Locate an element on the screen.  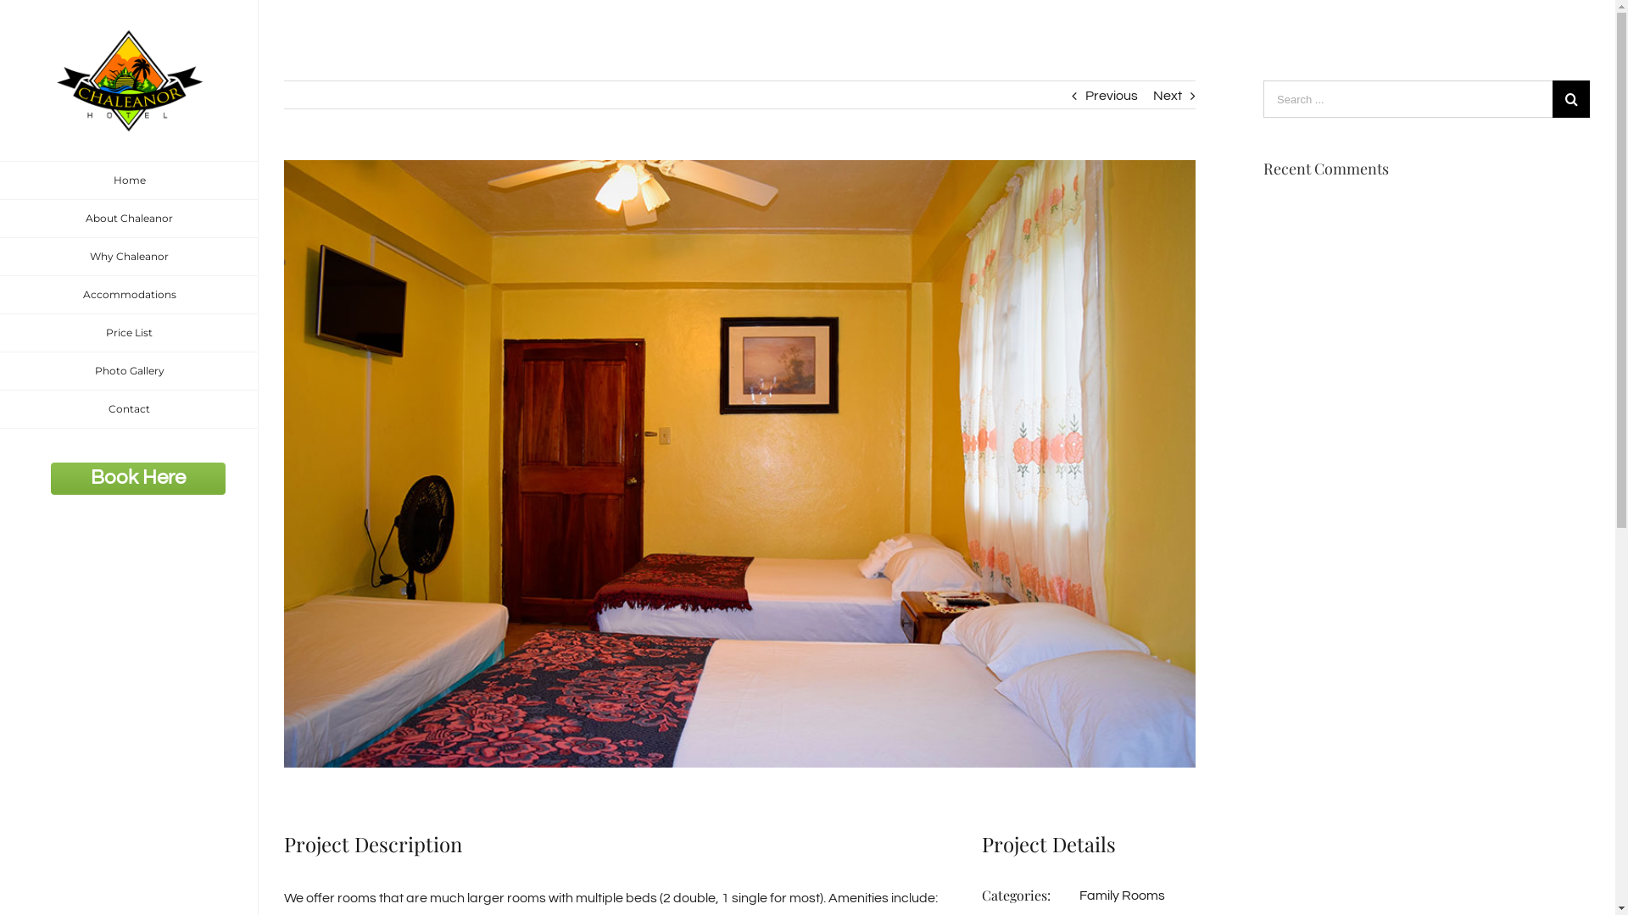
'Price List' is located at coordinates (128, 333).